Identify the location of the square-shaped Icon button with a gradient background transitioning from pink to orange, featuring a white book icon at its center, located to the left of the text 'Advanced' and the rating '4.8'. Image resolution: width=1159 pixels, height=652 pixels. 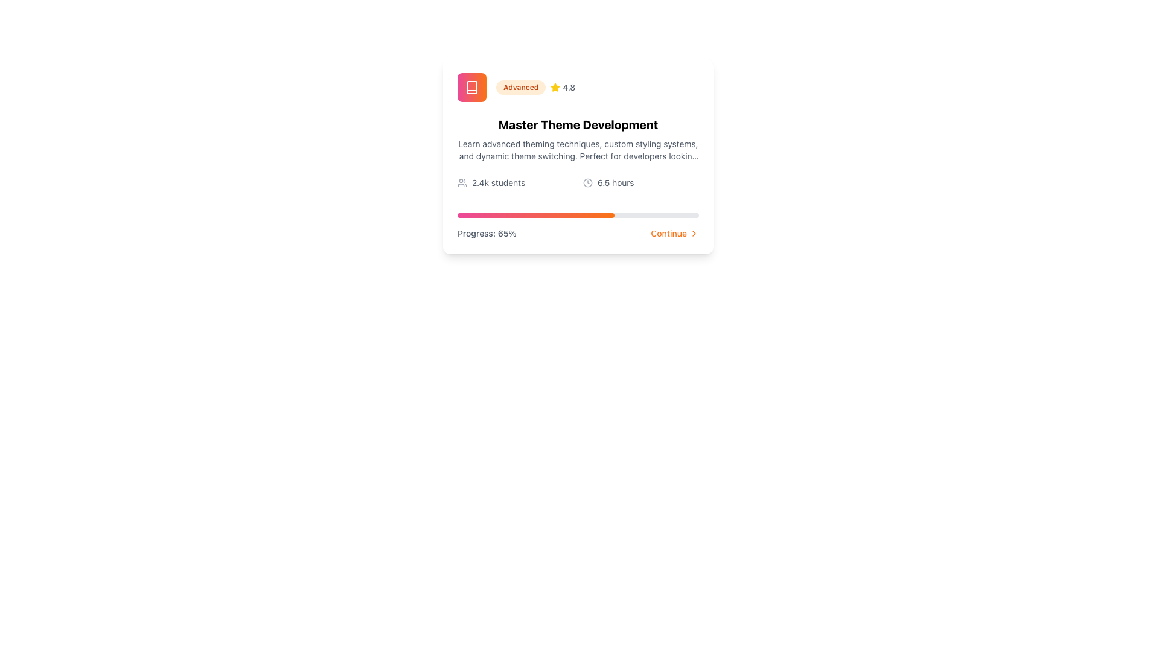
(471, 87).